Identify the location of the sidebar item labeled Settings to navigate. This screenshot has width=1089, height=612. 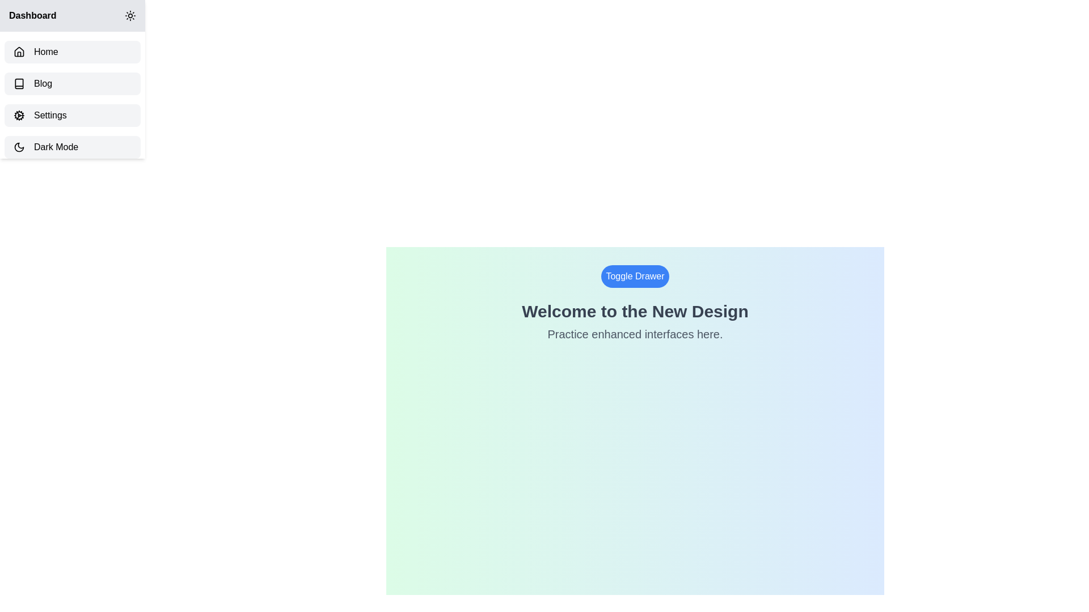
(72, 116).